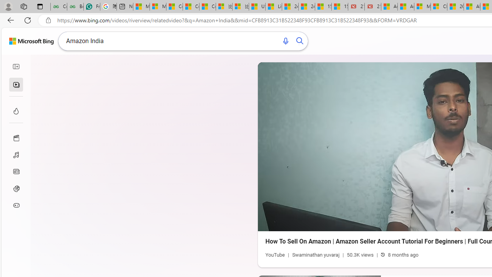 The image size is (492, 277). What do you see at coordinates (282, 41) in the screenshot?
I see `'Search using voice'` at bounding box center [282, 41].